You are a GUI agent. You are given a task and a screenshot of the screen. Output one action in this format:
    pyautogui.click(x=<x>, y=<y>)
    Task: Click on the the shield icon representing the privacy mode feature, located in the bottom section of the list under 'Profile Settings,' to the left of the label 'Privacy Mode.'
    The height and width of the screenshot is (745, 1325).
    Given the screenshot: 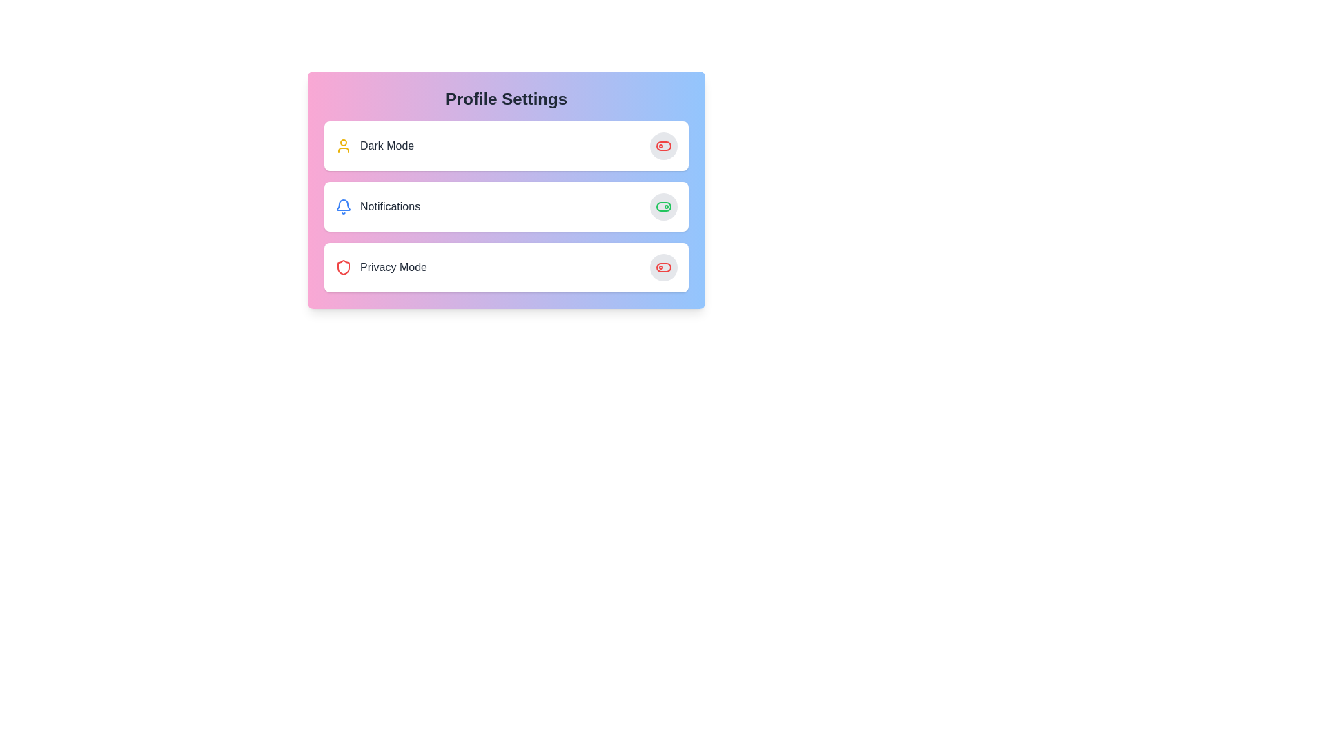 What is the action you would take?
    pyautogui.click(x=344, y=268)
    